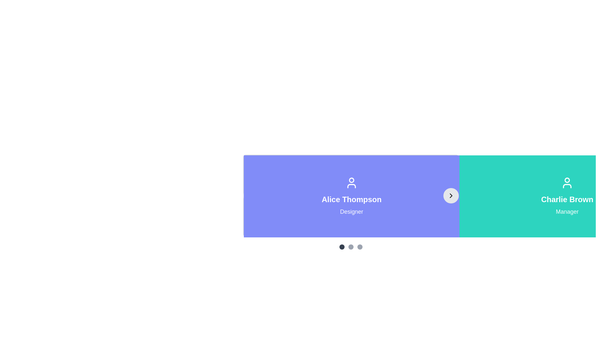  Describe the element at coordinates (451, 195) in the screenshot. I see `the rightward-pointing arrow-shaped icon with a thin black outline located within the user profile card for 'Alice Thompson'` at that location.